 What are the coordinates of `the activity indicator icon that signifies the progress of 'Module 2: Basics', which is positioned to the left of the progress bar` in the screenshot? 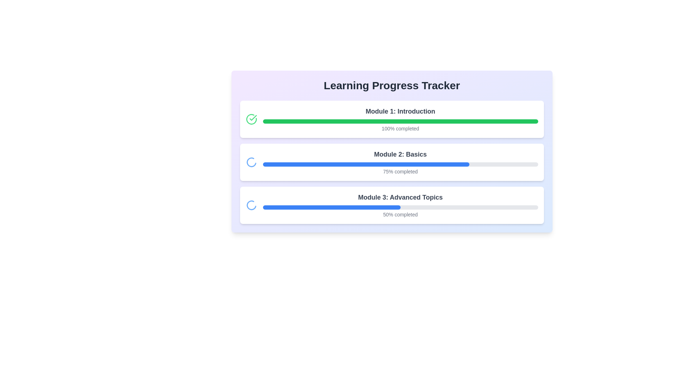 It's located at (251, 162).